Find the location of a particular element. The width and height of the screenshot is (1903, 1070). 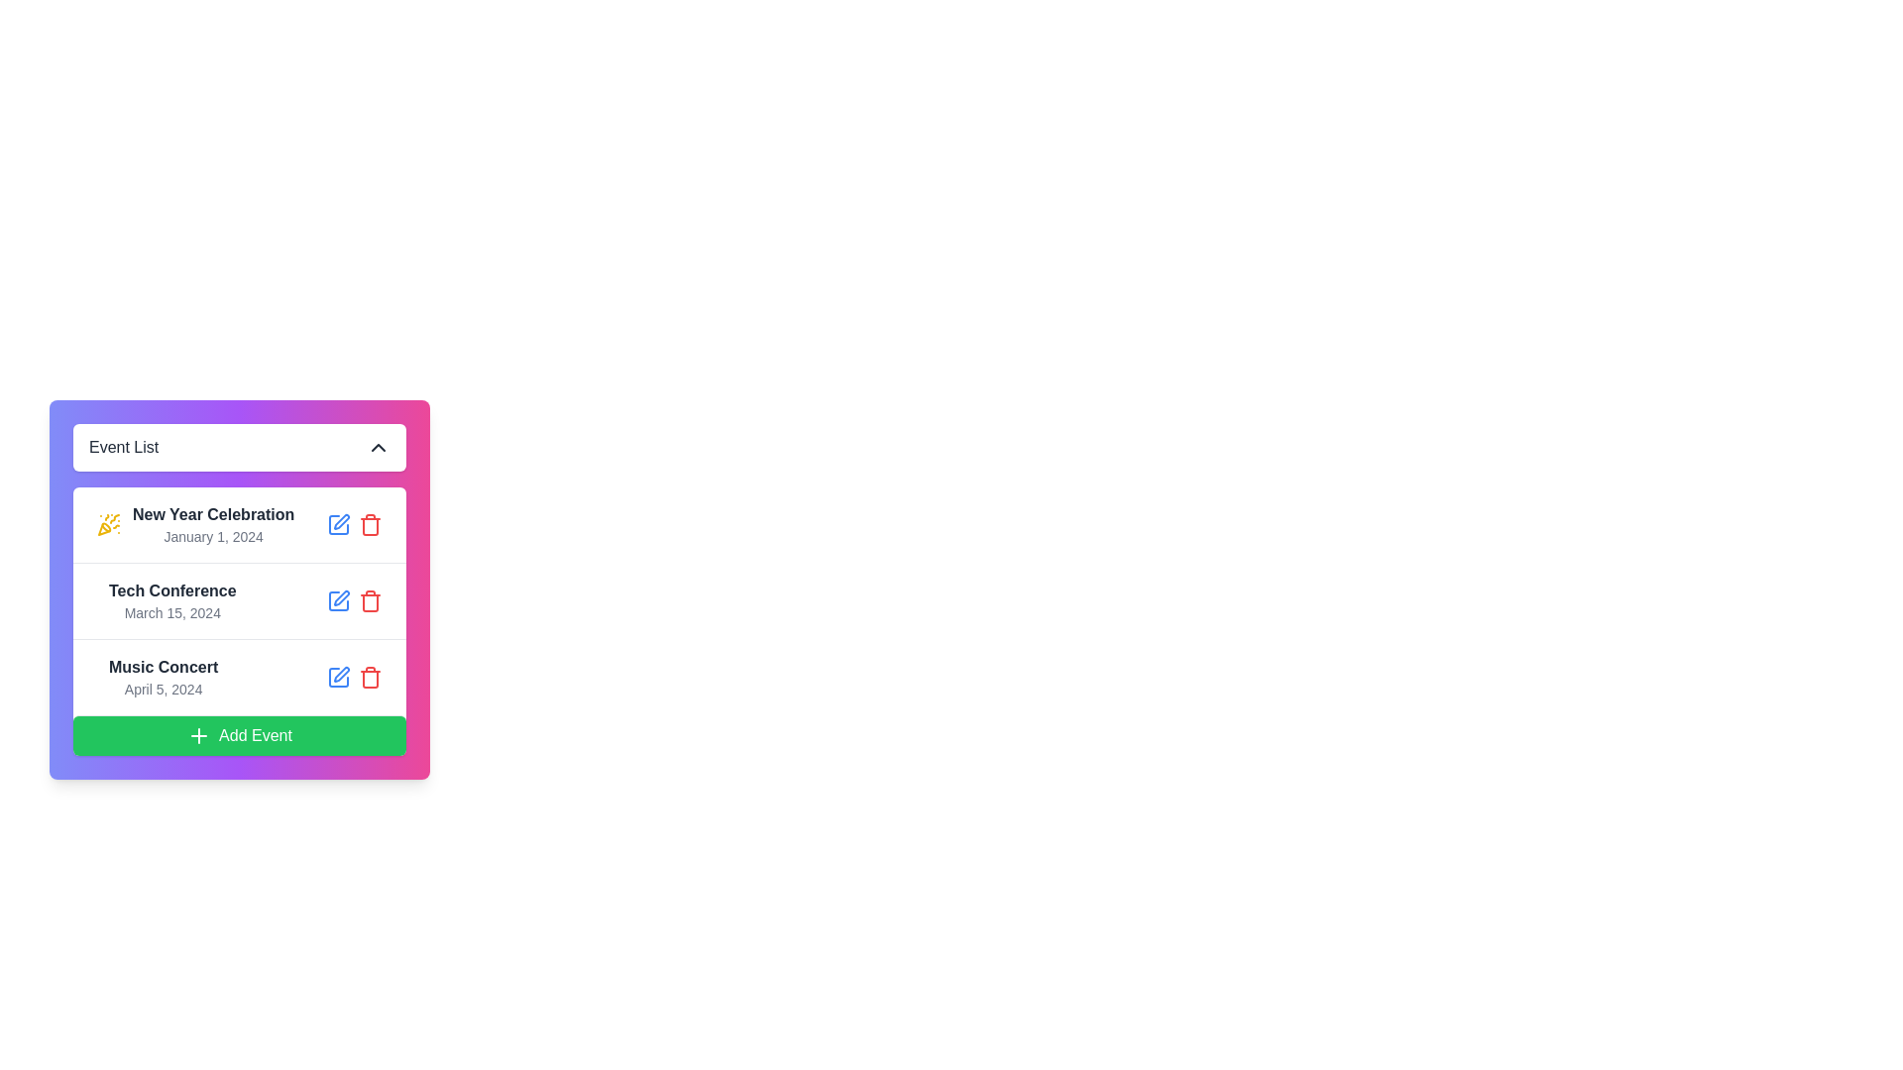

the icon located at the top left corner of the 'Add Event' button is located at coordinates (199, 736).